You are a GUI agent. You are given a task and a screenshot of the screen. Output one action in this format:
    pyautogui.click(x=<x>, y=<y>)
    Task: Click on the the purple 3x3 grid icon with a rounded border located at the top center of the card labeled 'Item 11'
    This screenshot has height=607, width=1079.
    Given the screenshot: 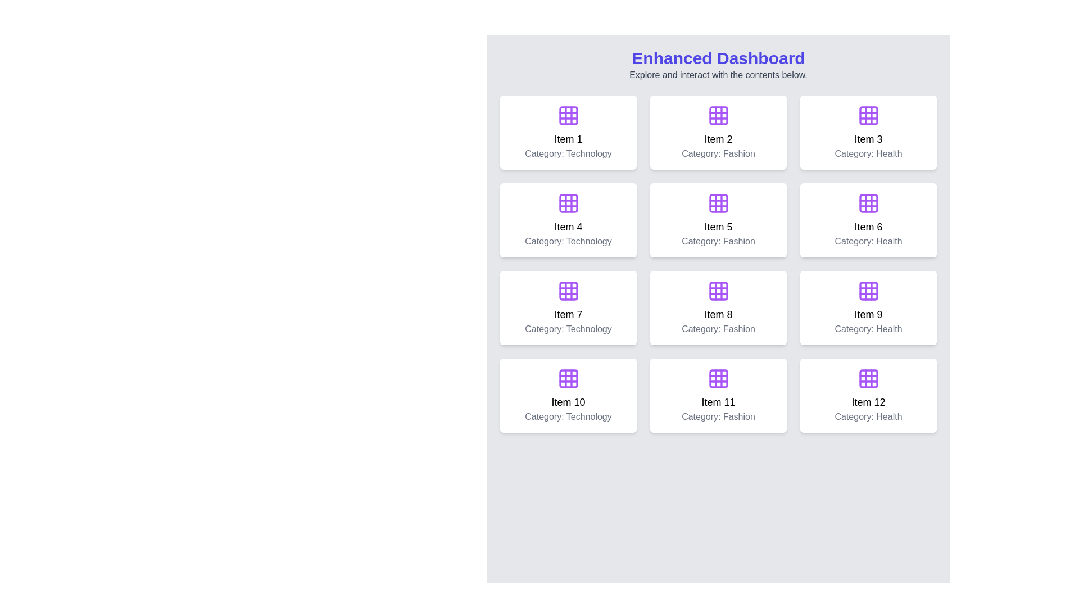 What is the action you would take?
    pyautogui.click(x=718, y=379)
    